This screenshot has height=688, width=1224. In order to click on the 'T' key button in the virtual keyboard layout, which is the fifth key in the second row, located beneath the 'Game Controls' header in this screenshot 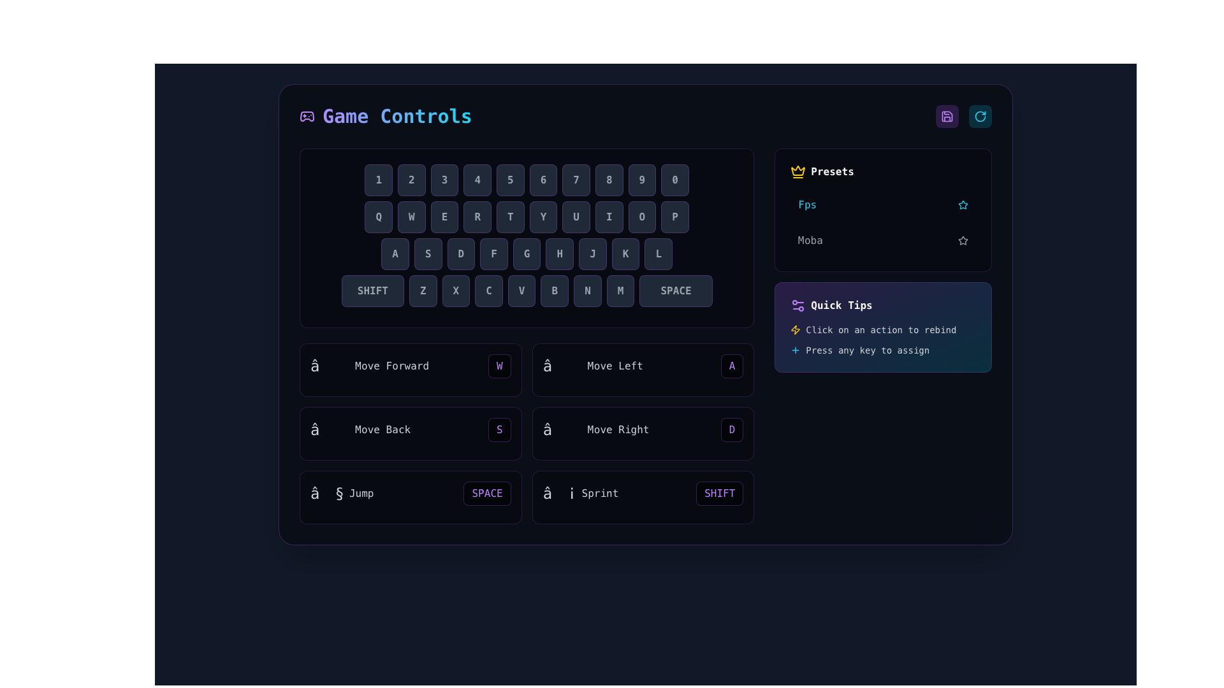, I will do `click(510, 216)`.